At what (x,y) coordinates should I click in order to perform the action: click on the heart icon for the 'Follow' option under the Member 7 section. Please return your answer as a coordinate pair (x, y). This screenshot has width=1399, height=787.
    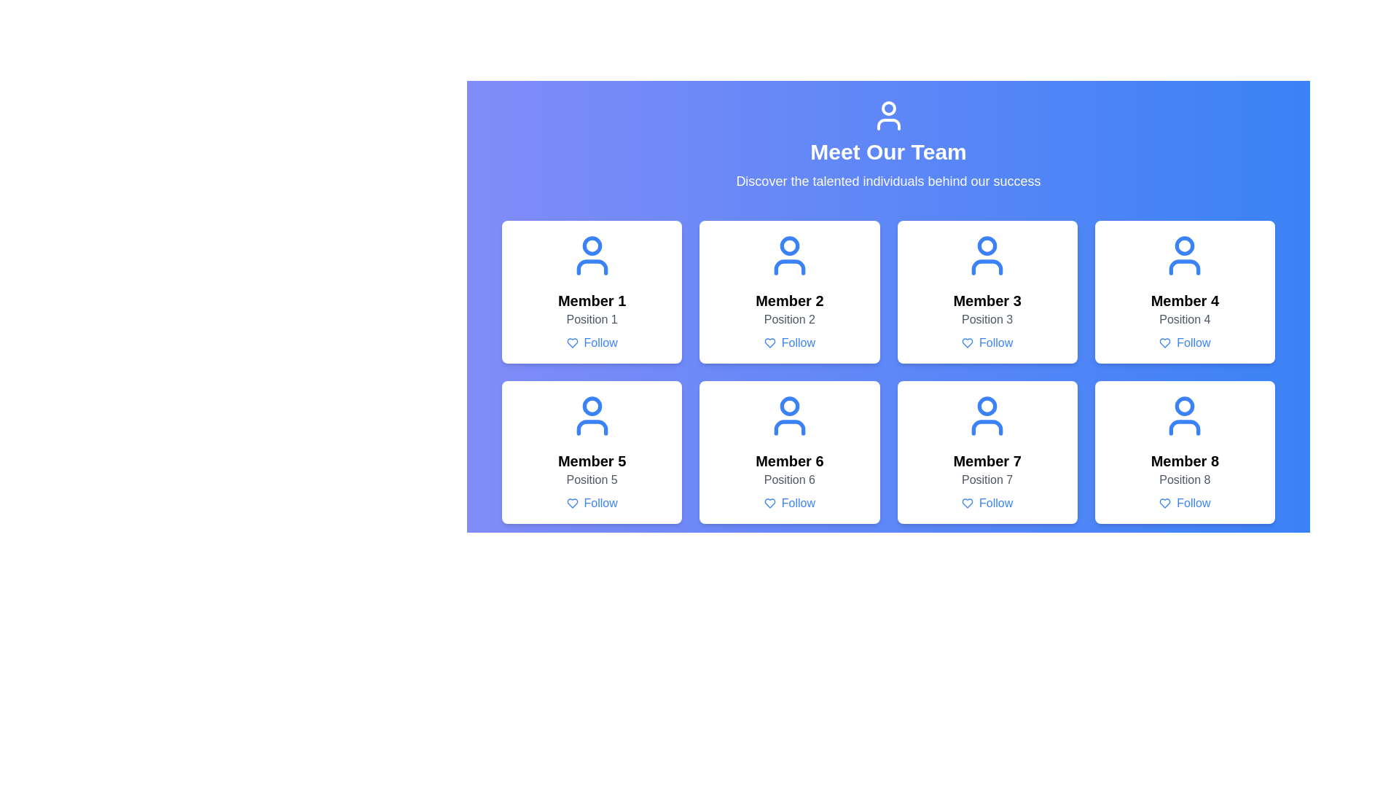
    Looking at the image, I should click on (968, 502).